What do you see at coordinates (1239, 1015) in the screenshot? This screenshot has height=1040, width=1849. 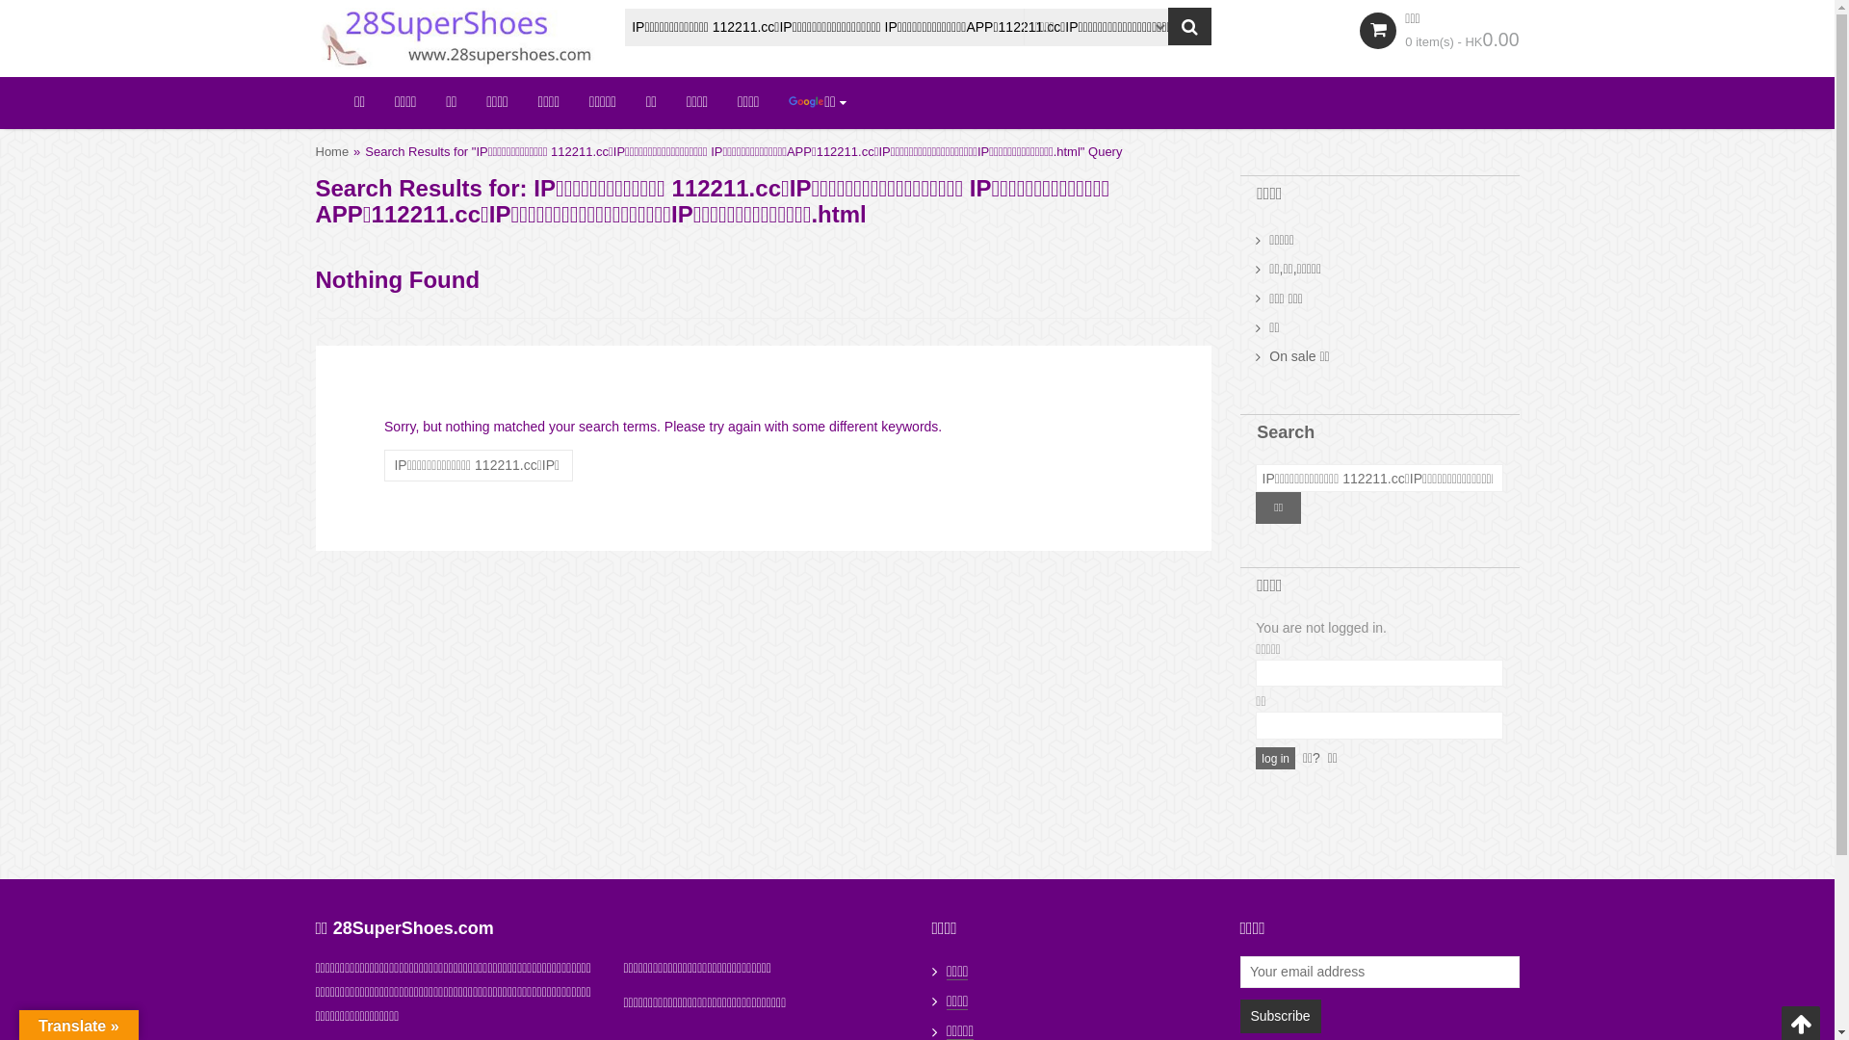 I see `'Subscribe'` at bounding box center [1239, 1015].